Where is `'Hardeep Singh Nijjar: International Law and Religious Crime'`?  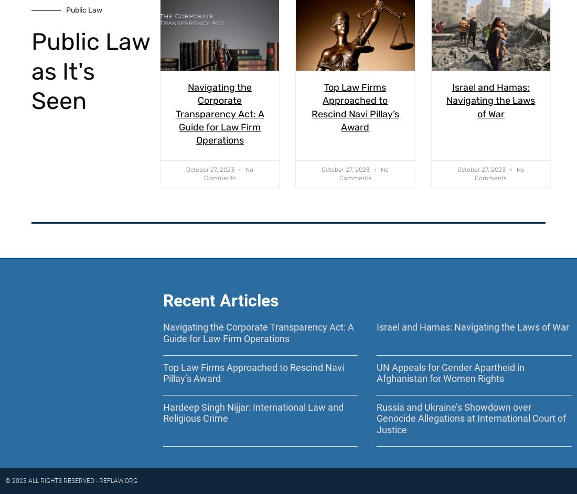
'Hardeep Singh Nijjar: International Law and Religious Crime' is located at coordinates (253, 412).